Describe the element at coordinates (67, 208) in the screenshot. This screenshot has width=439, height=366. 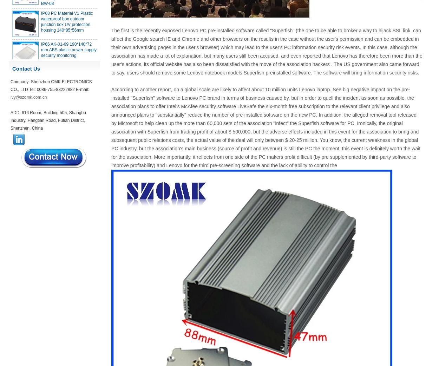
I see `'IP66 waterproof plastic enclosures  outdoor use with metal screws AK-01-55 248*160*60MM'` at that location.